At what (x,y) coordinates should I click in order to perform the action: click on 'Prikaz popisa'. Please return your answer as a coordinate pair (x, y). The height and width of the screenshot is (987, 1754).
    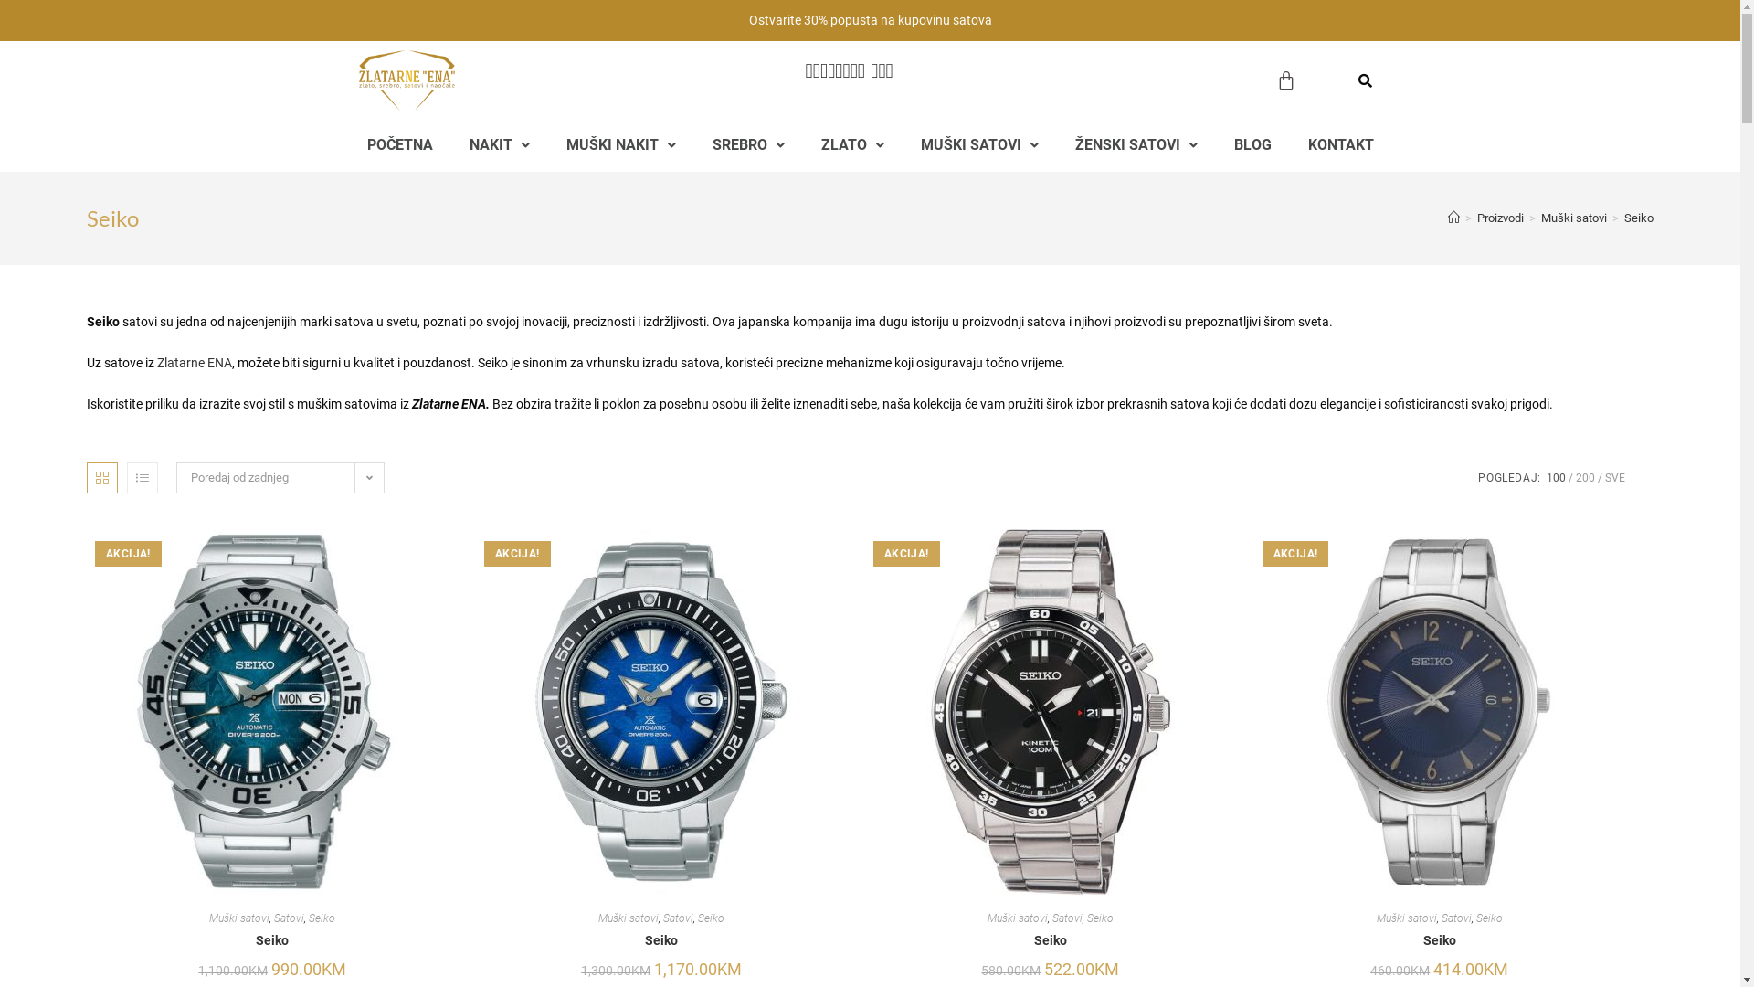
    Looking at the image, I should click on (142, 477).